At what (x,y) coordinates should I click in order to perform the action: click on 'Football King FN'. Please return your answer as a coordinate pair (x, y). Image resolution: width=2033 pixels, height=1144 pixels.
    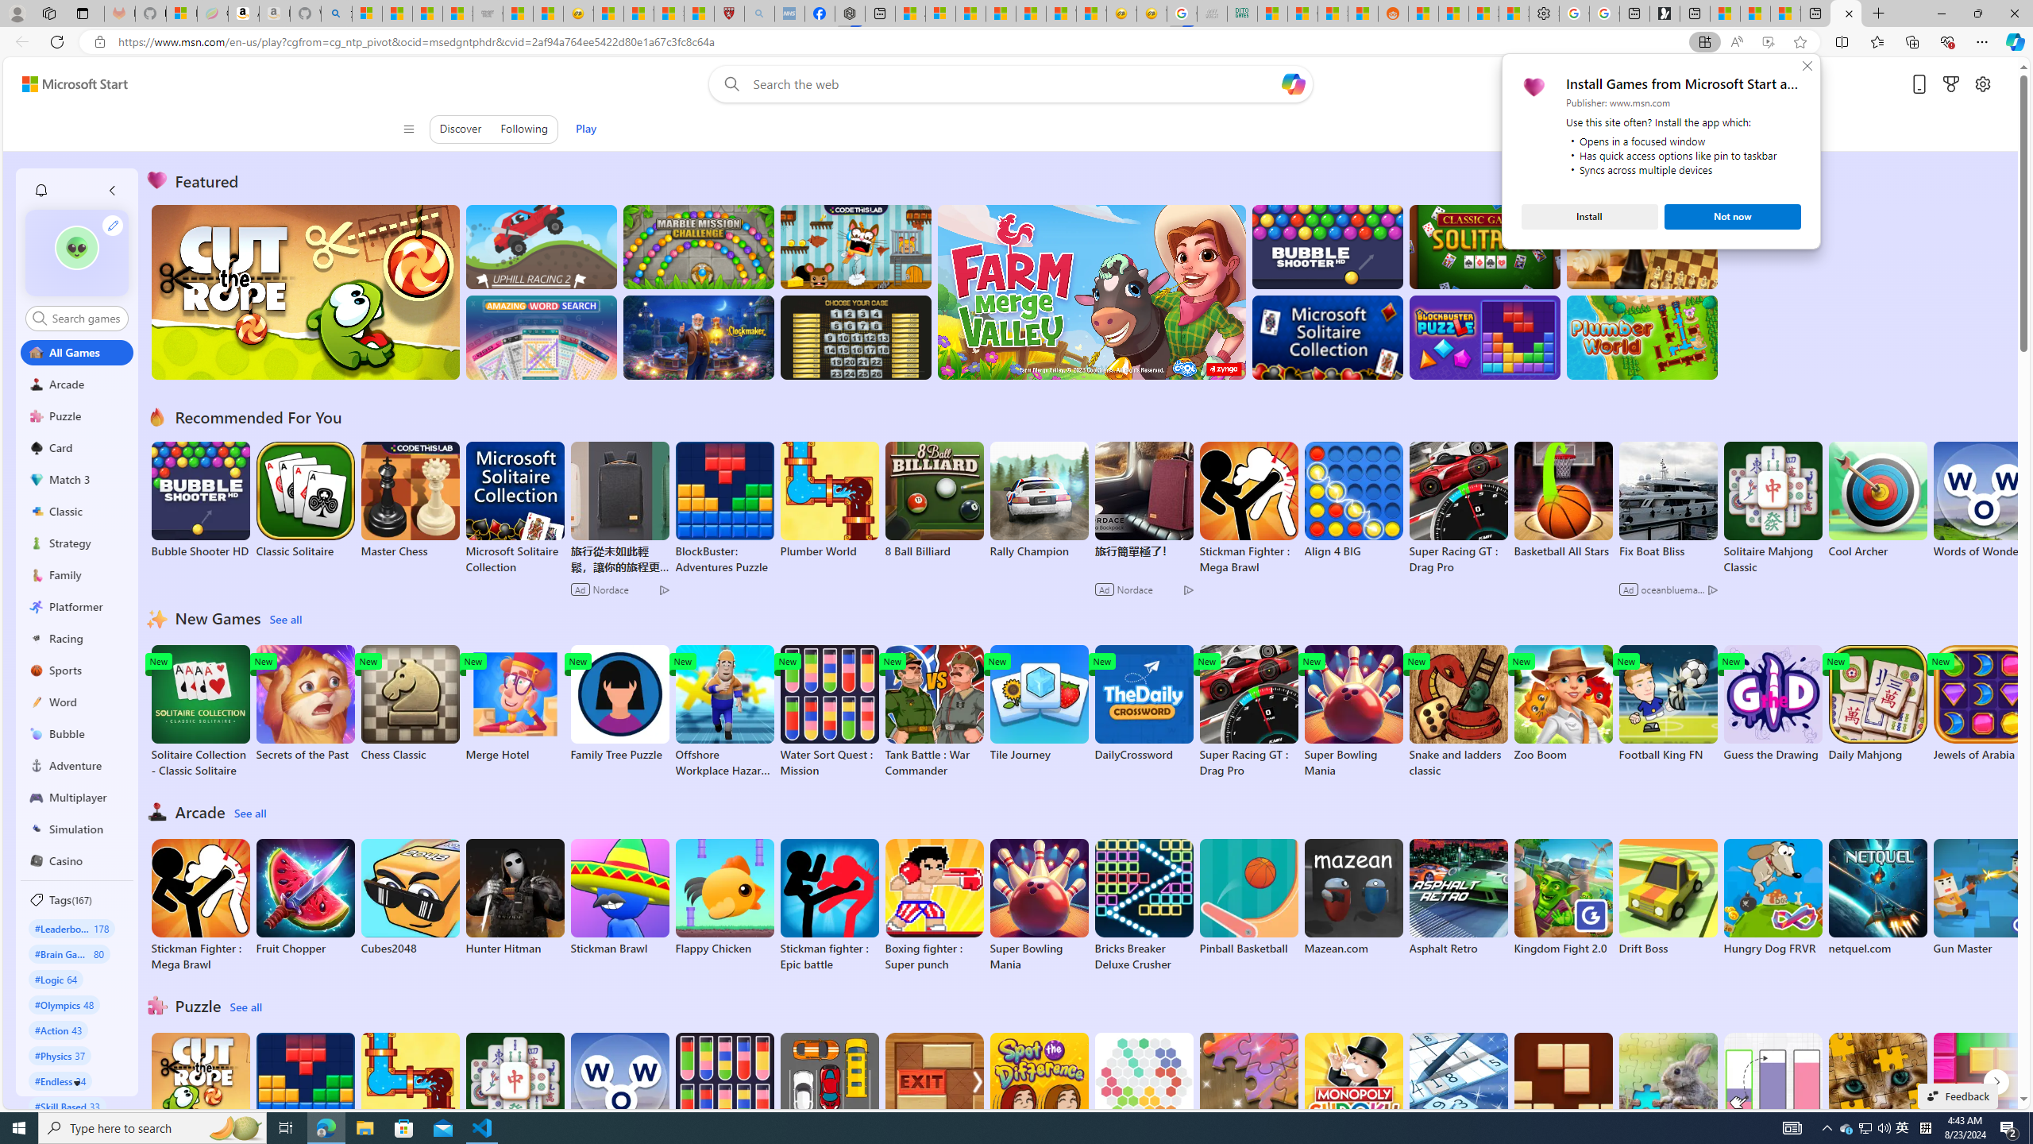
    Looking at the image, I should click on (1667, 703).